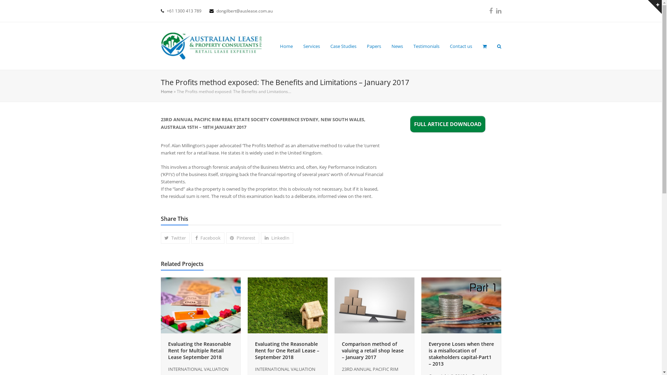  Describe the element at coordinates (373, 46) in the screenshot. I see `'Papers'` at that location.